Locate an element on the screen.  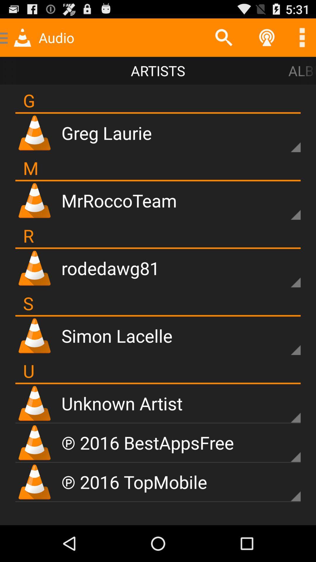
artist is located at coordinates (285, 205).